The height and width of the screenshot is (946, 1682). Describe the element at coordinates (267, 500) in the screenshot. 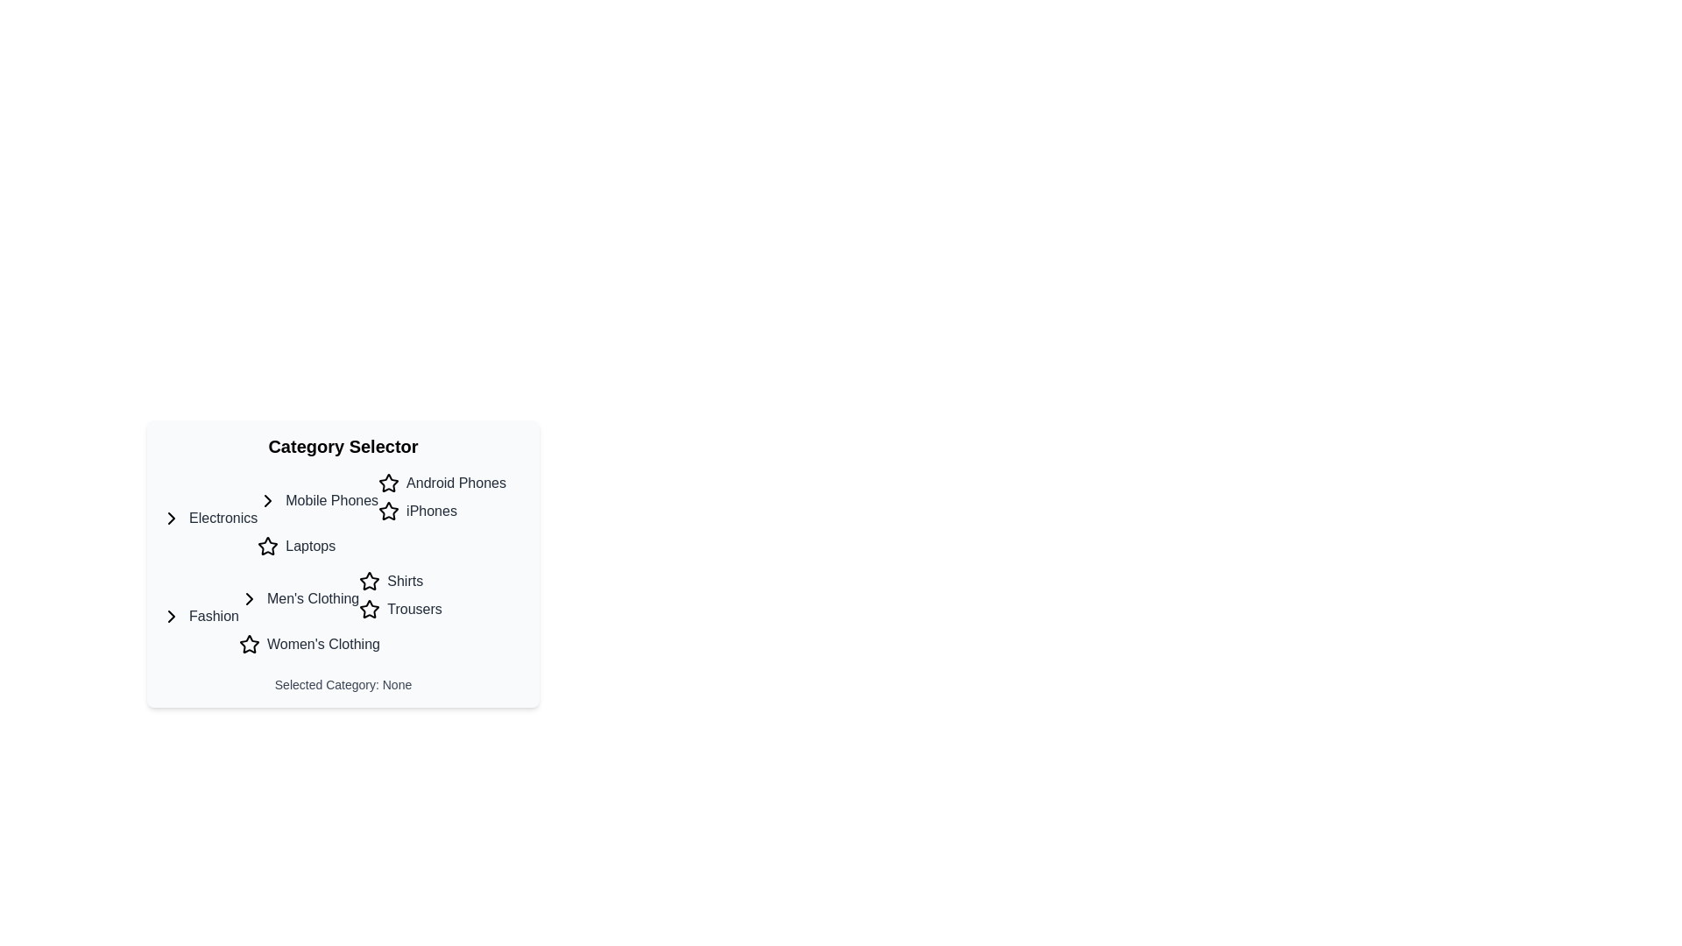

I see `the icon located to the immediate left of the 'Mobile Phones' text within the 'Electronics' category block to interact with the section` at that location.